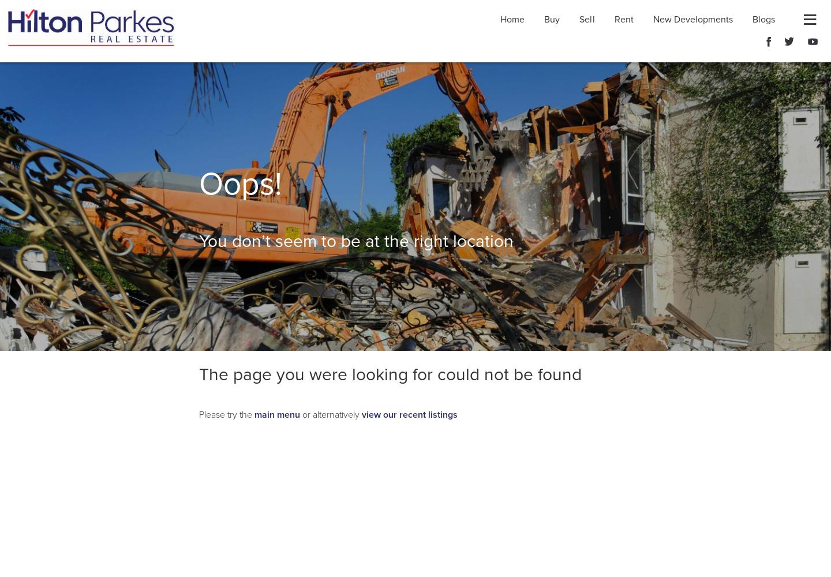 Image resolution: width=831 pixels, height=577 pixels. I want to click on 'Blogs', so click(762, 20).